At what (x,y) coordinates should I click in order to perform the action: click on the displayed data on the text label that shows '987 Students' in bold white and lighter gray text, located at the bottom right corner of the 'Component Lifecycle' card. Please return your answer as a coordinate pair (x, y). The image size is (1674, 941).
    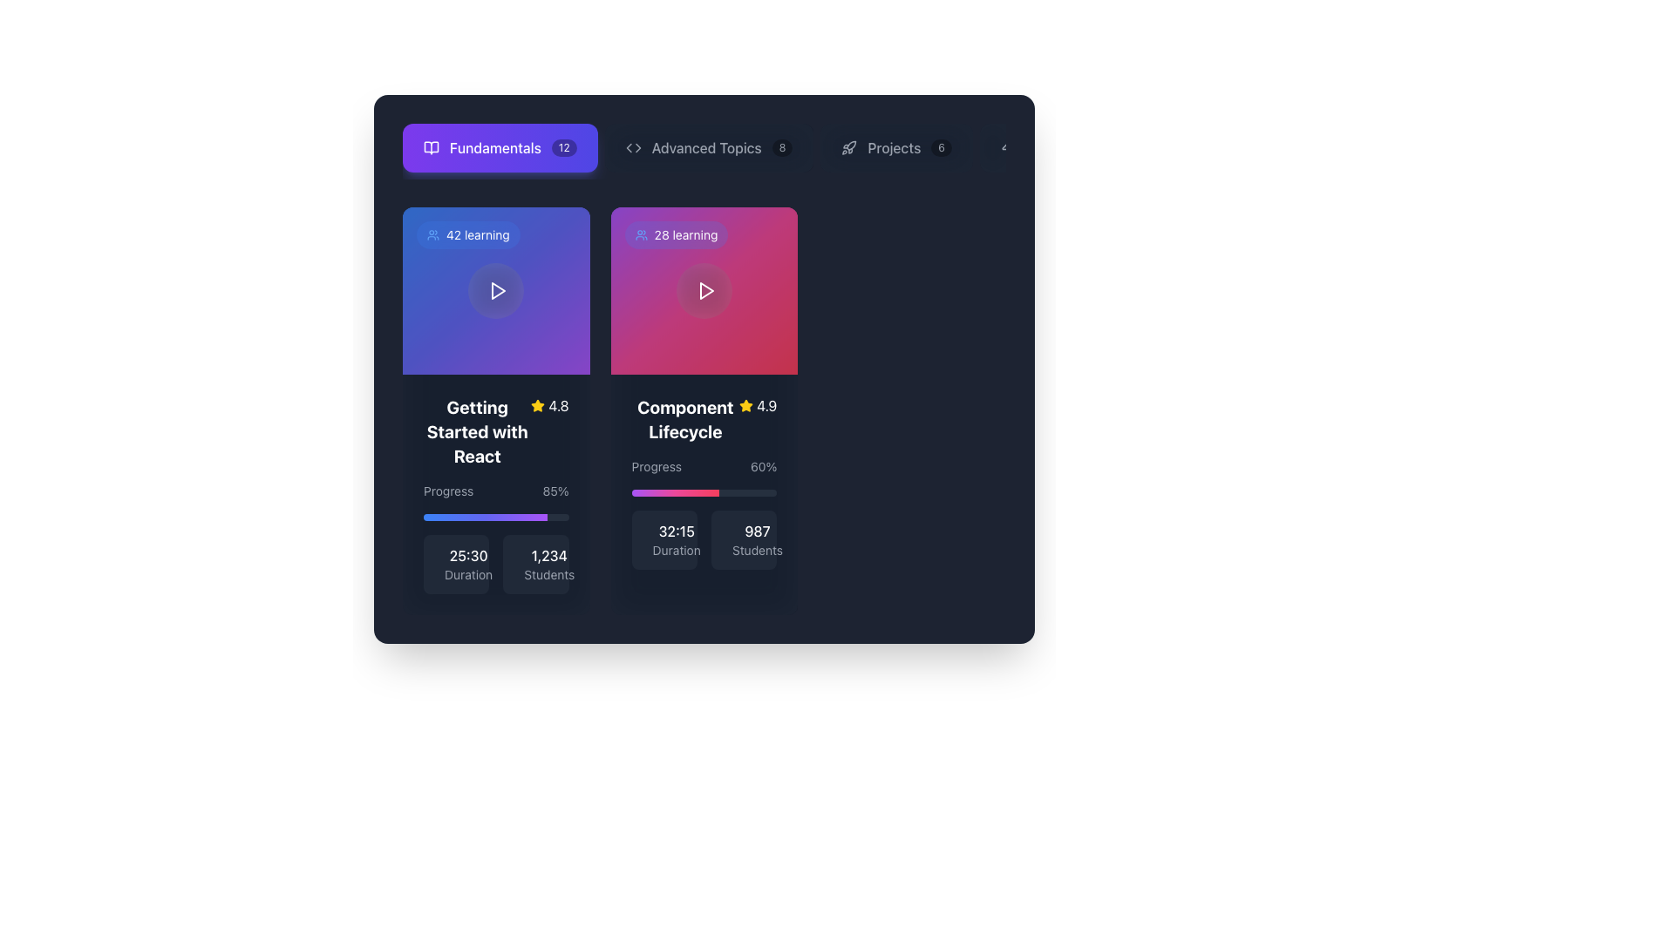
    Looking at the image, I should click on (757, 539).